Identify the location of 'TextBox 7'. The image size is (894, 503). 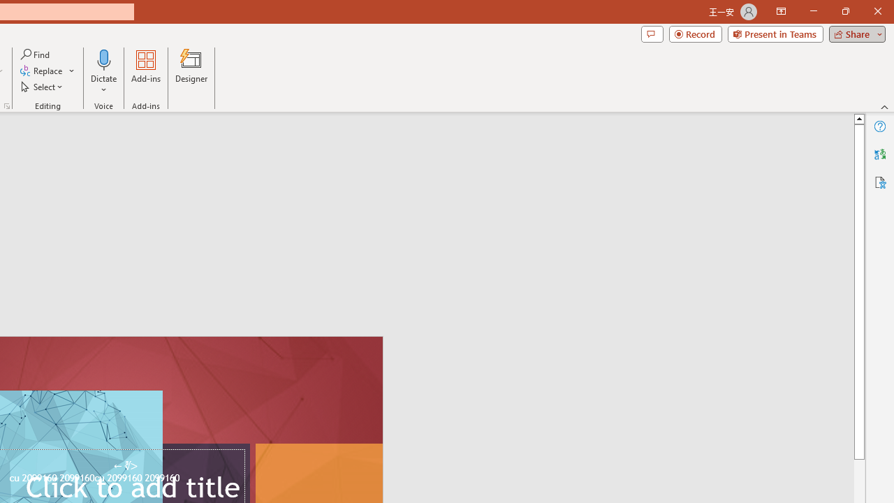
(125, 466).